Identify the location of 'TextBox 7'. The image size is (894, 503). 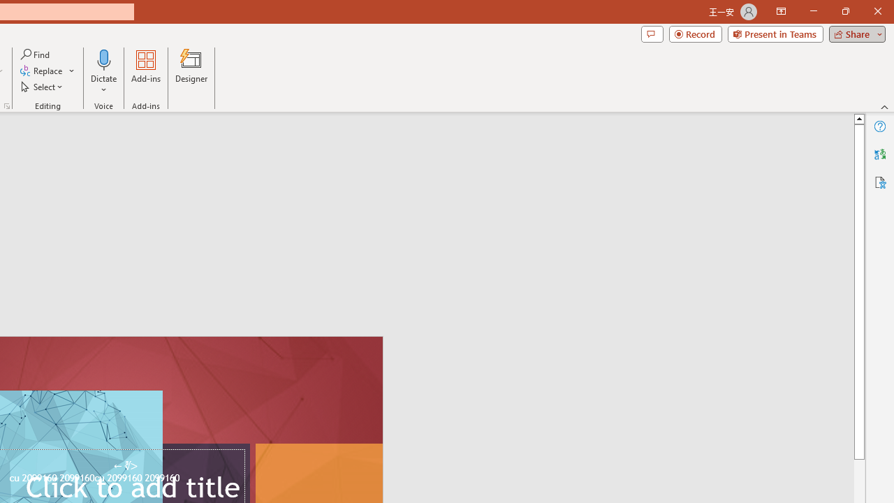
(125, 466).